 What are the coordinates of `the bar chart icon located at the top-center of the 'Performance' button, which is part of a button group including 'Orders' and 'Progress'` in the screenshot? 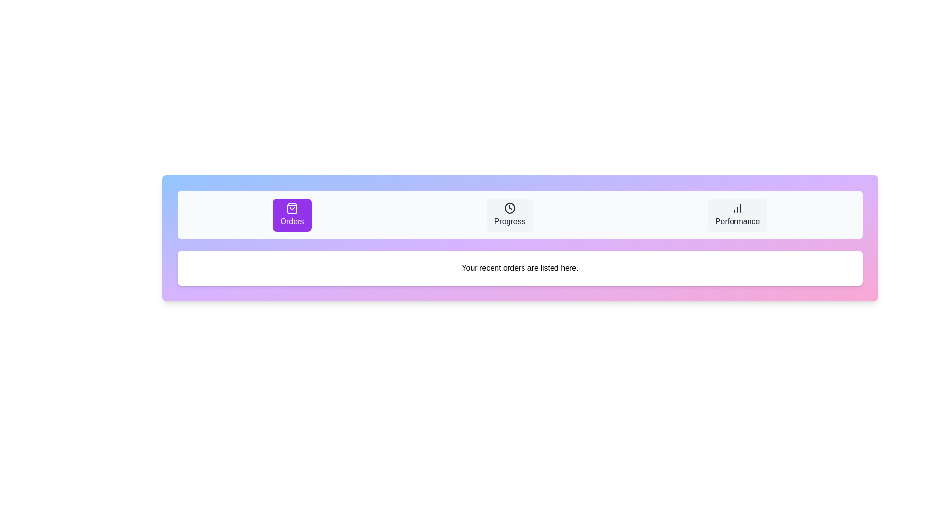 It's located at (737, 208).